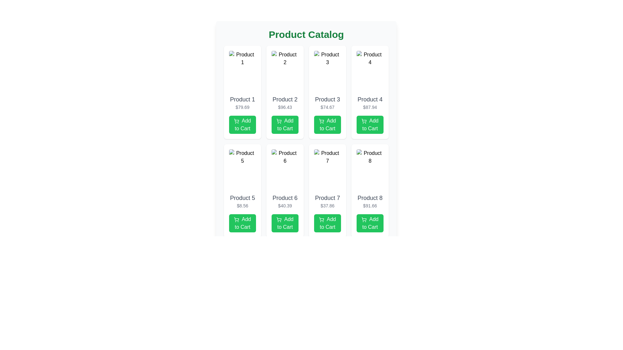 This screenshot has height=350, width=623. What do you see at coordinates (285, 107) in the screenshot?
I see `the text label displaying the price information for 'Product 2', which is located below its title and above the 'Add to Cart' button in the second column of the product grid layout` at bounding box center [285, 107].